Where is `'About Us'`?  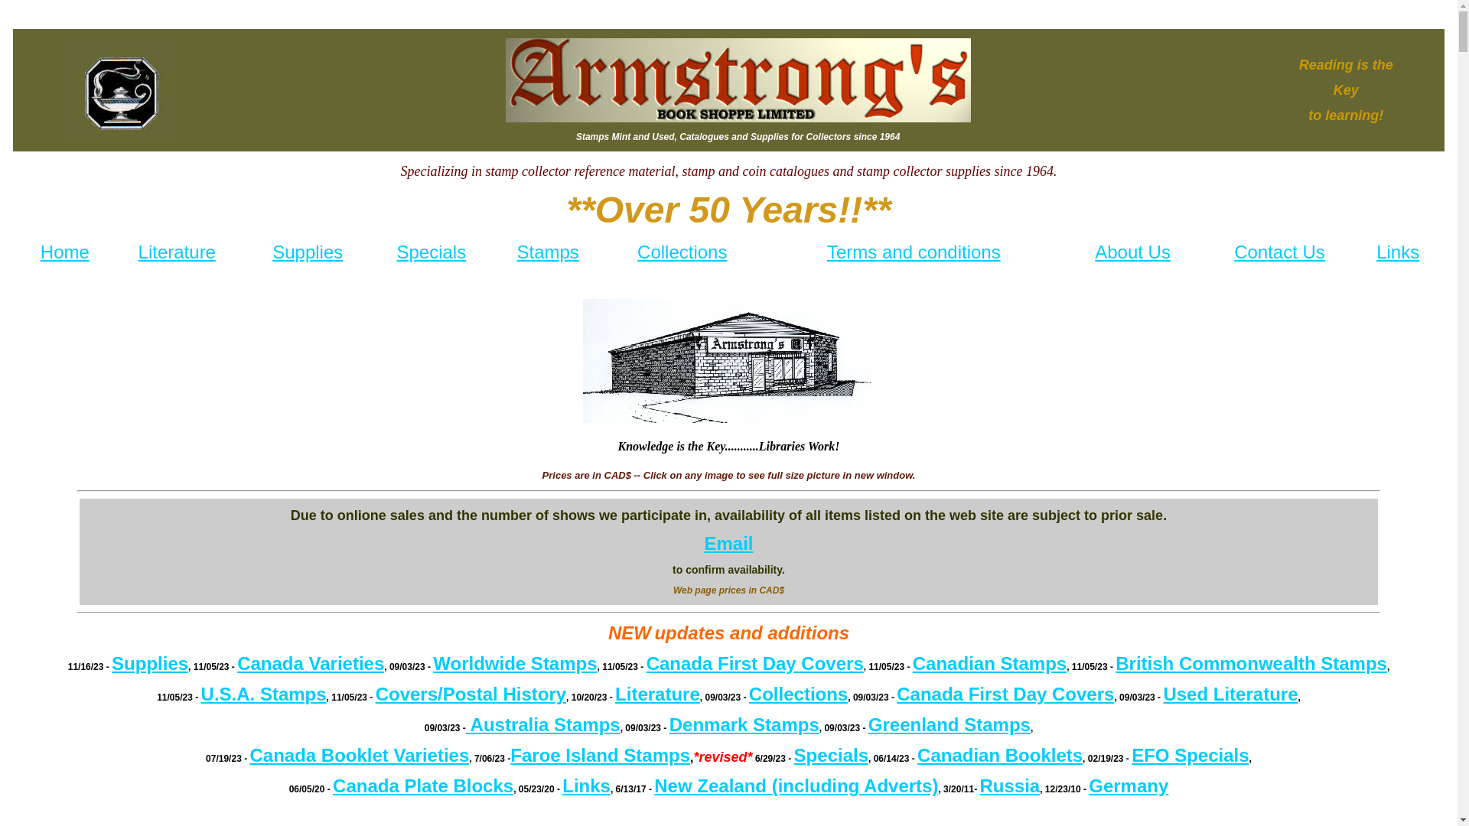
'About Us' is located at coordinates (1132, 251).